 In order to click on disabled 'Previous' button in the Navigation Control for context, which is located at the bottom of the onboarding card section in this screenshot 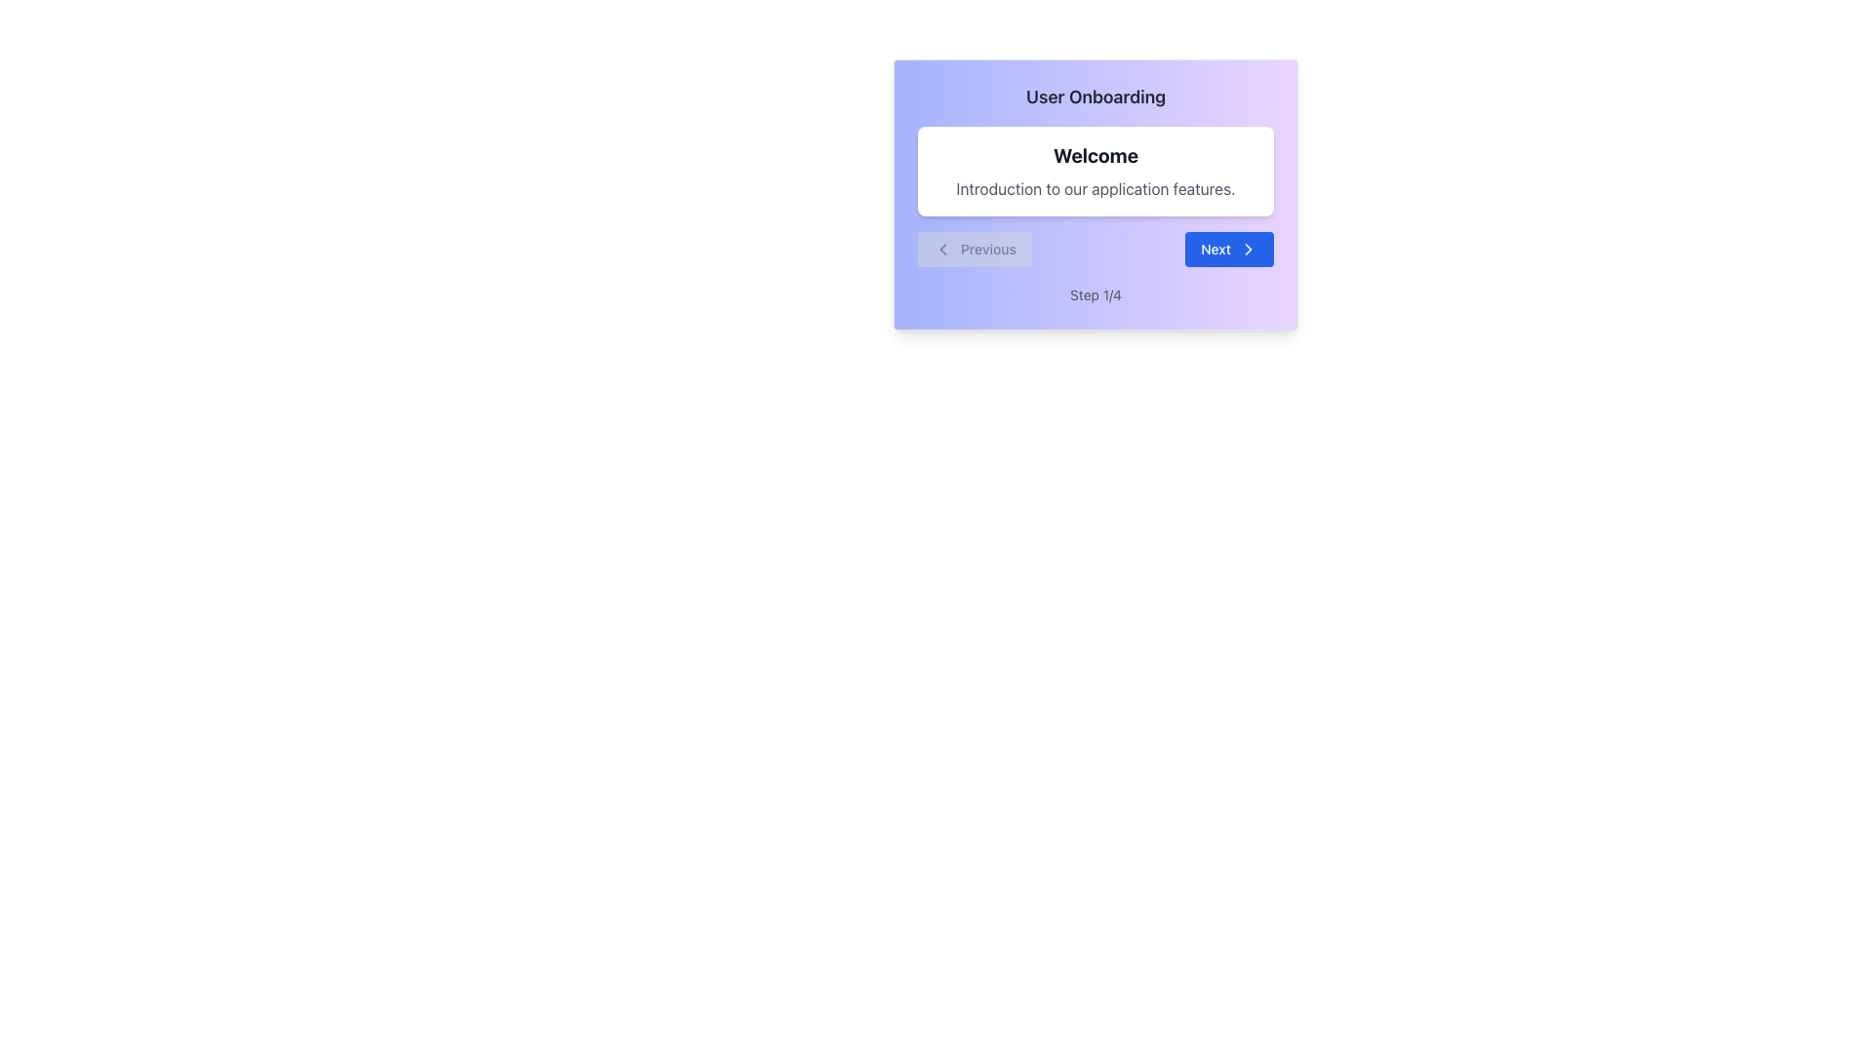, I will do `click(1096, 248)`.